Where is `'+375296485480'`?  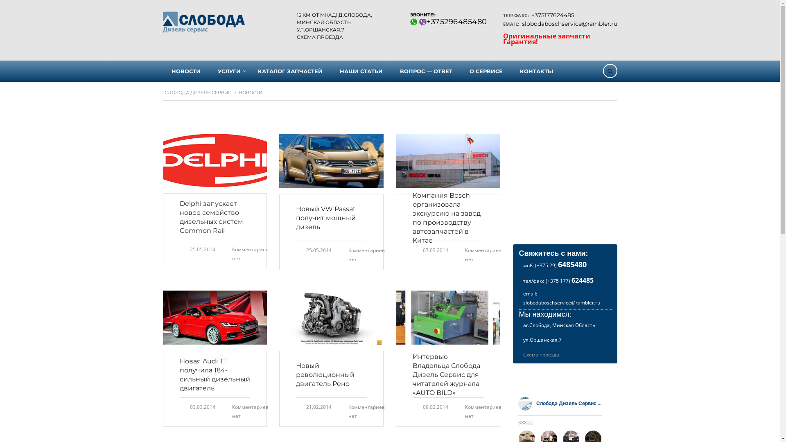 '+375296485480' is located at coordinates (426, 21).